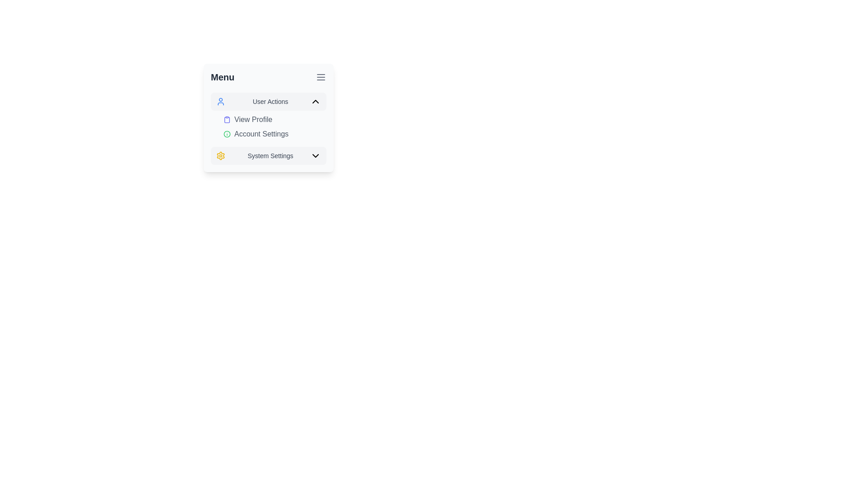 Image resolution: width=867 pixels, height=488 pixels. Describe the element at coordinates (227, 119) in the screenshot. I see `the clipboard icon located to the left of the 'View Profile' text in the dropdown menu, which indicates the action for viewing profile details` at that location.